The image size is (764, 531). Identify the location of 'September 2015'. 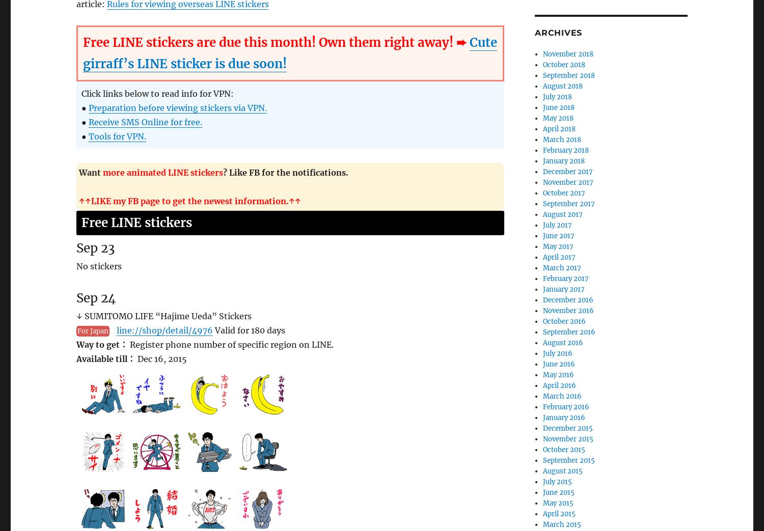
(542, 459).